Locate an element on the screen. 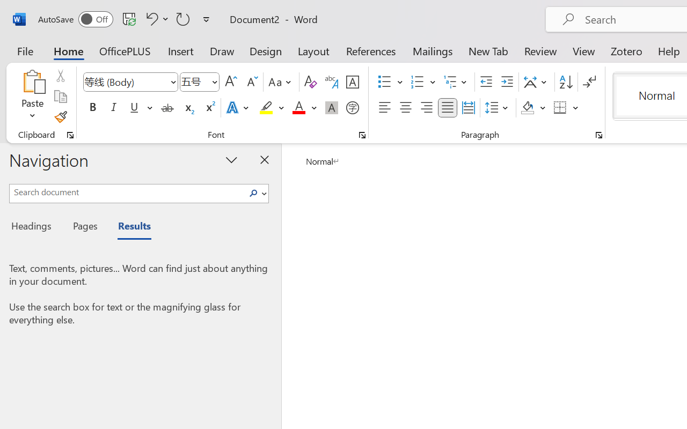  'Multilevel List' is located at coordinates (456, 82).